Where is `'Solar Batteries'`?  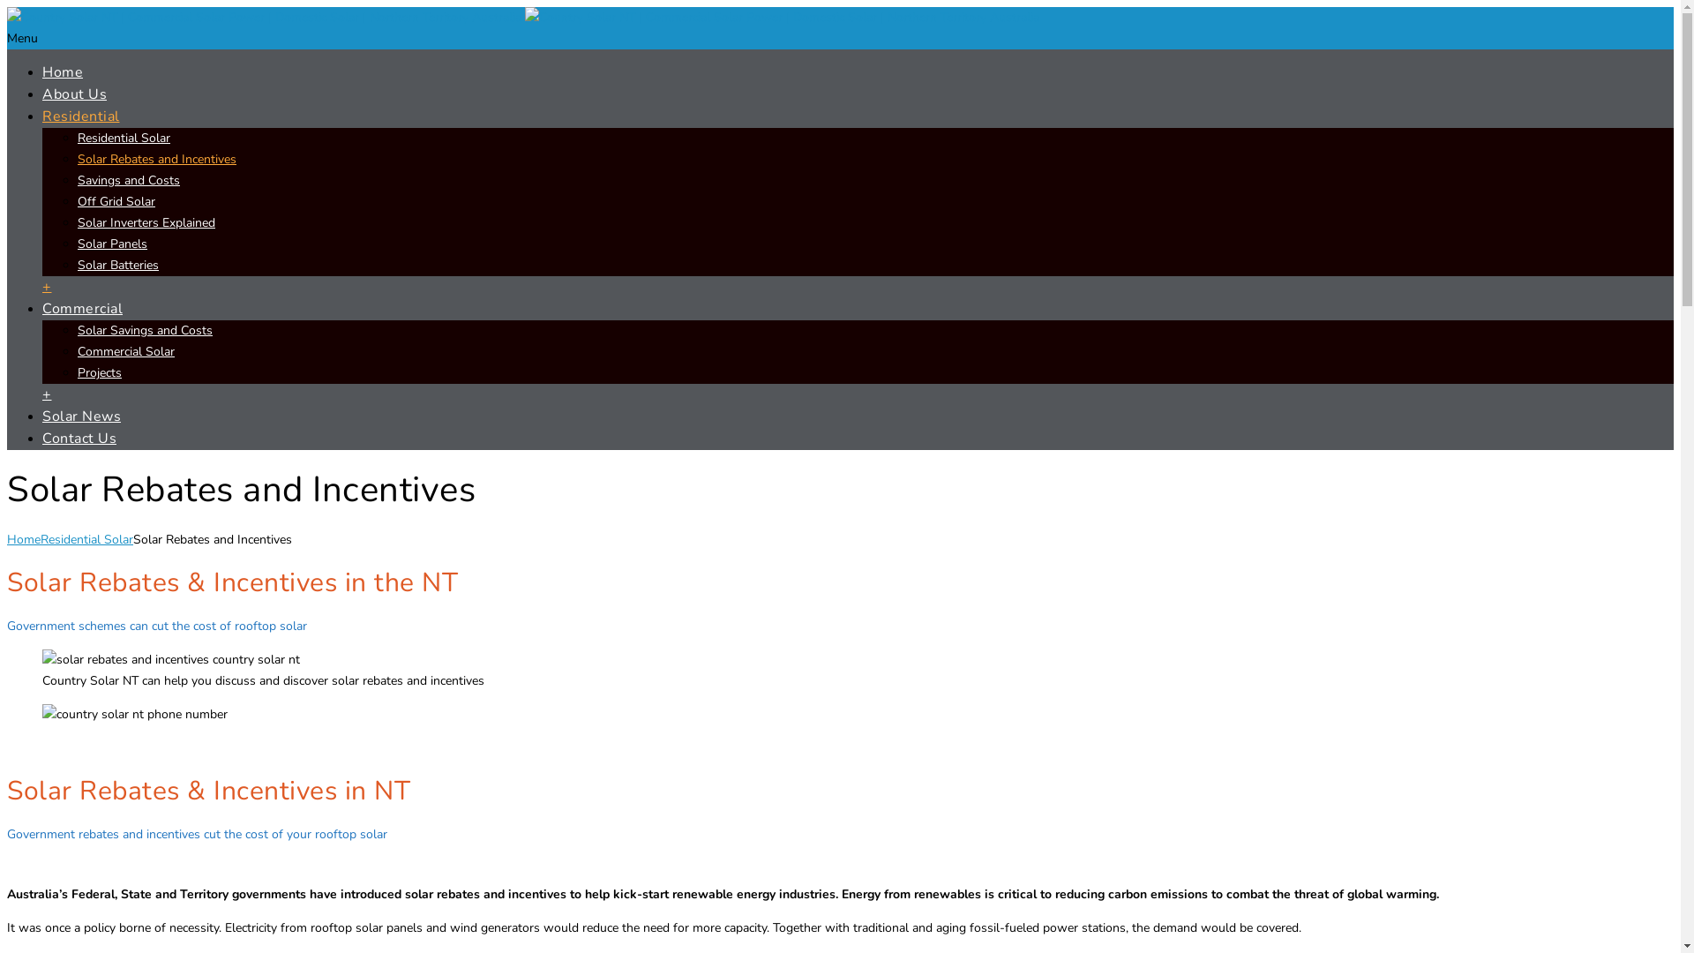
'Solar Batteries' is located at coordinates (117, 265).